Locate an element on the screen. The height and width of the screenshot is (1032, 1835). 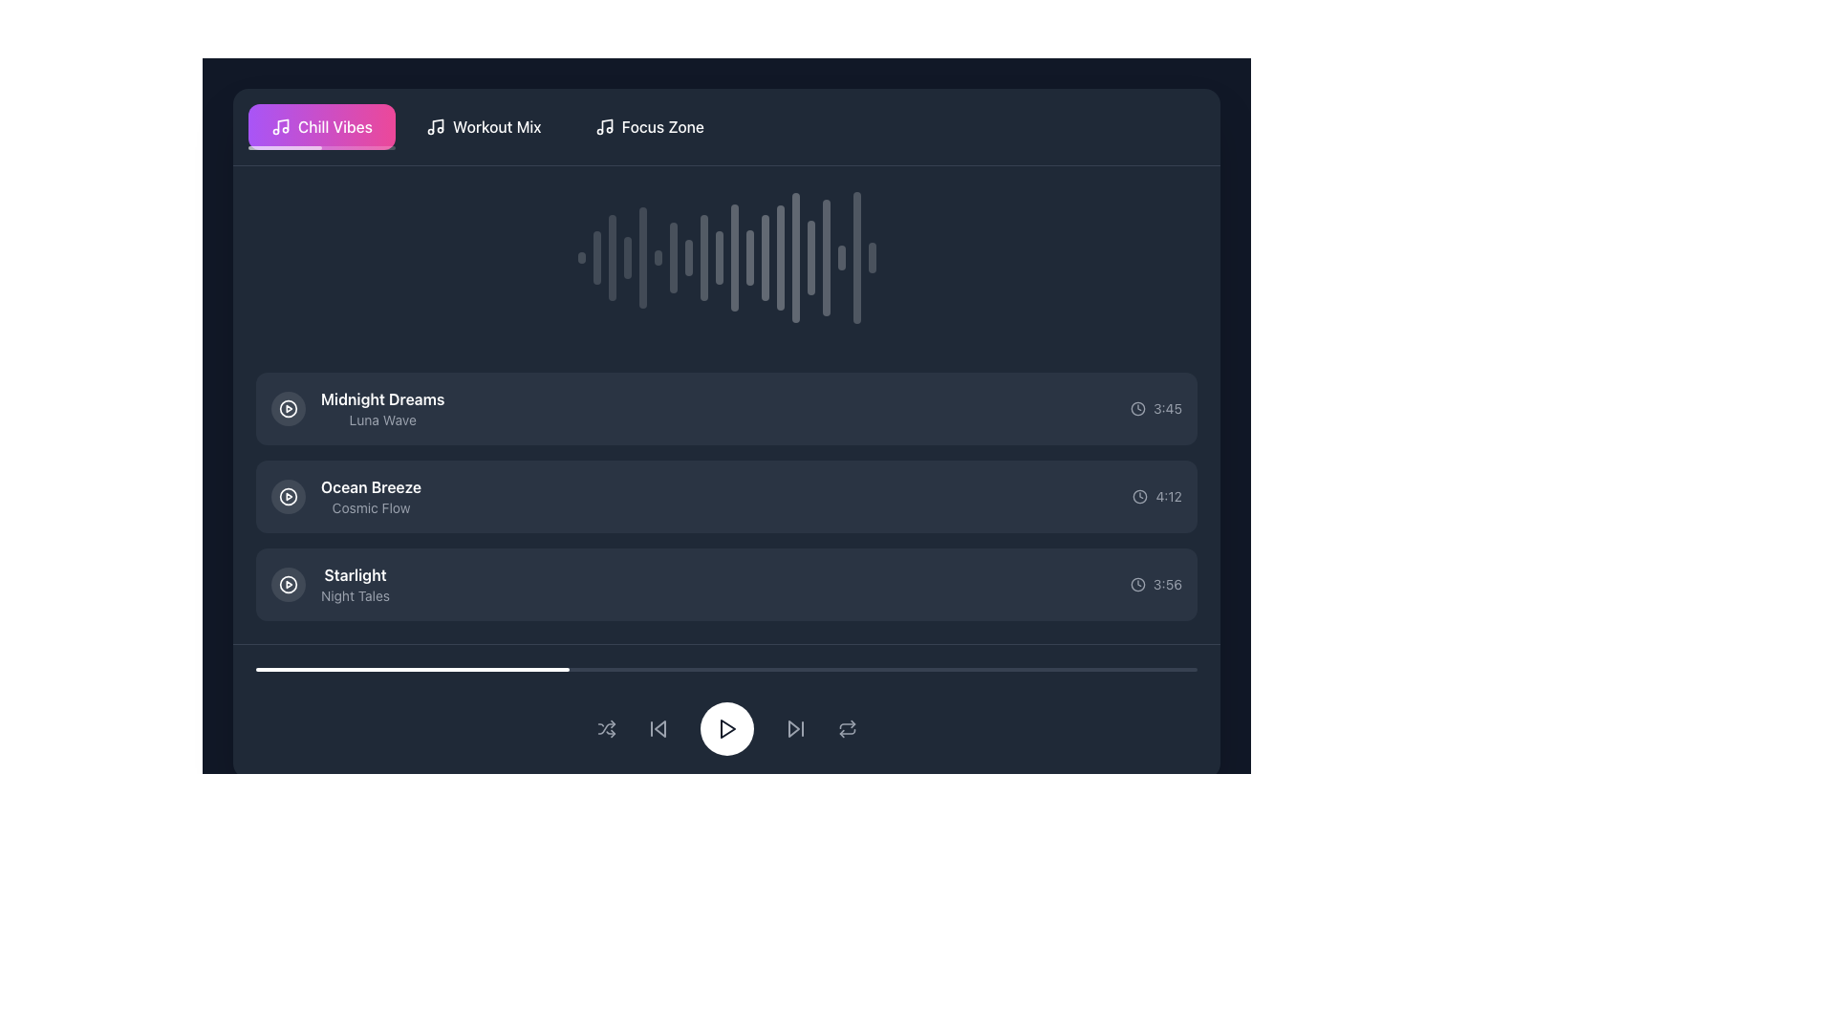
the graphical circular component that visually represents the play button for the first song item under 'Midnight Dreams' by 'Luna Wave' is located at coordinates (288, 408).